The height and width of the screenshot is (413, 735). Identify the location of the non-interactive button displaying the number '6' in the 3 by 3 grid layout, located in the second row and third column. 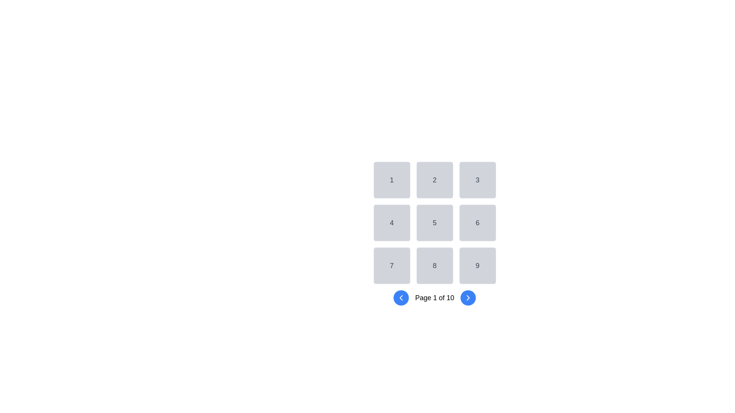
(477, 223).